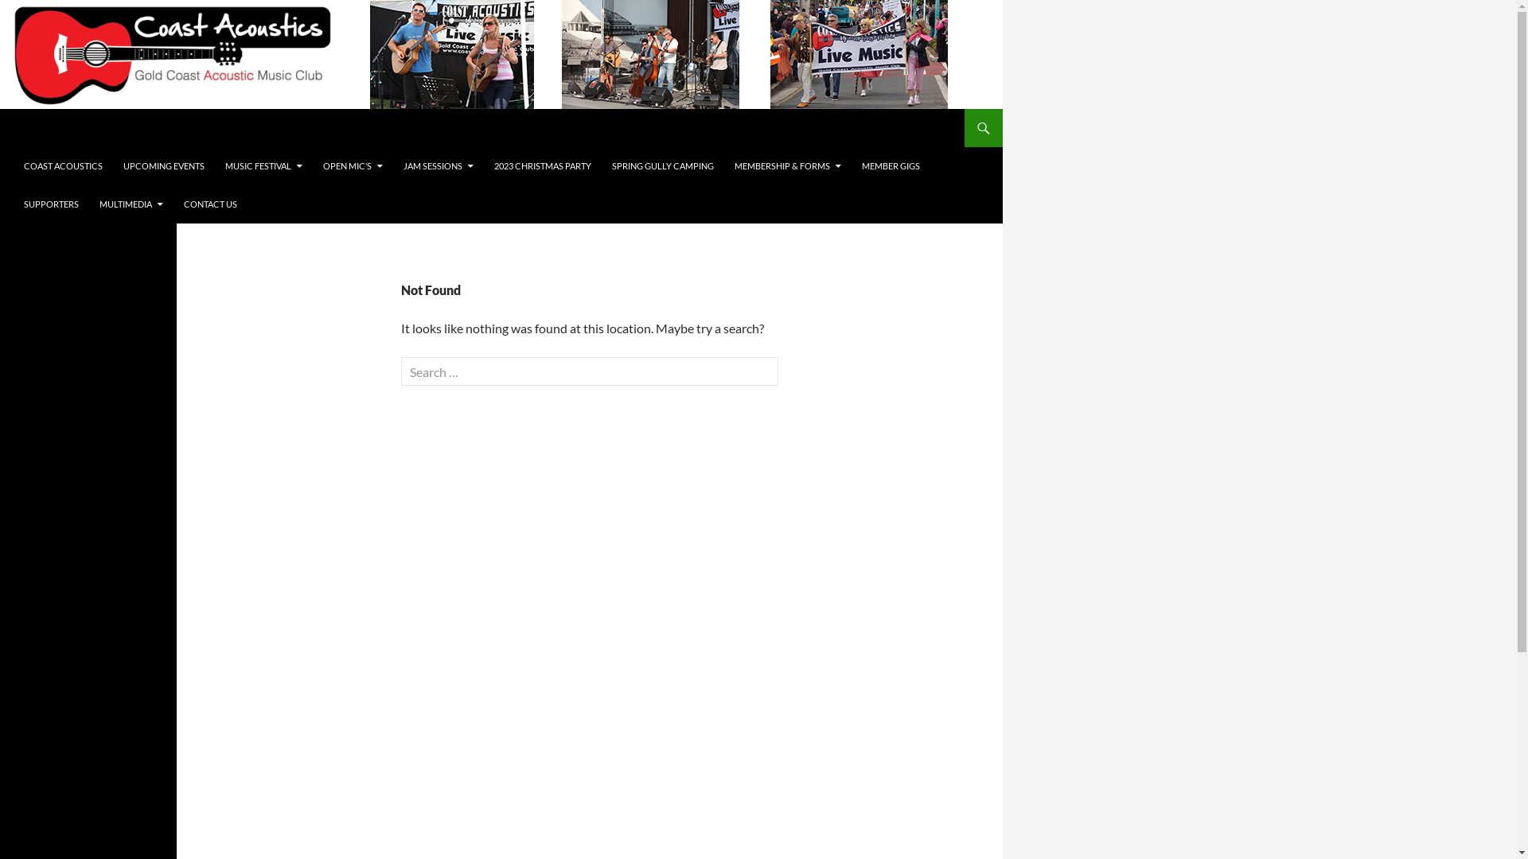 The height and width of the screenshot is (859, 1528). Describe the element at coordinates (209, 204) in the screenshot. I see `'CONTACT US'` at that location.